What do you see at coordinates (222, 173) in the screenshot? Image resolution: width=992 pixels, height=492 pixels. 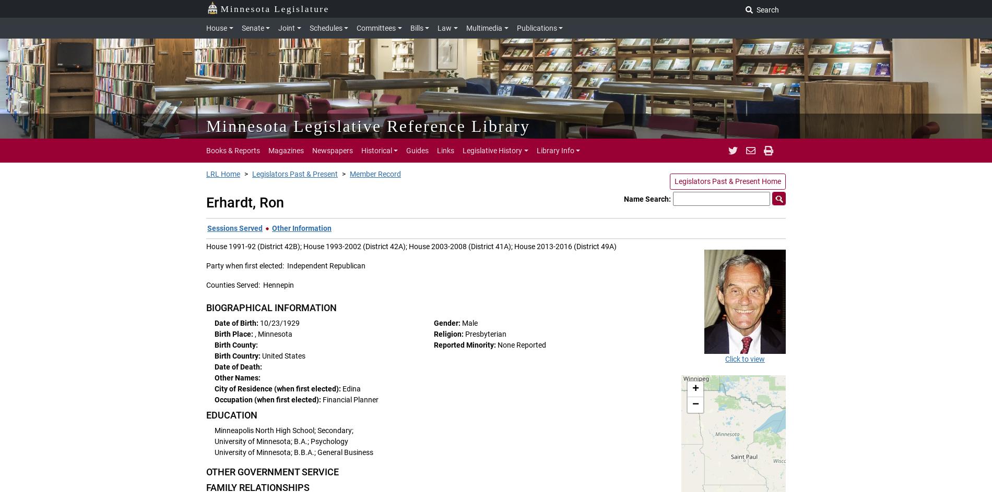 I see `'LRL Home'` at bounding box center [222, 173].